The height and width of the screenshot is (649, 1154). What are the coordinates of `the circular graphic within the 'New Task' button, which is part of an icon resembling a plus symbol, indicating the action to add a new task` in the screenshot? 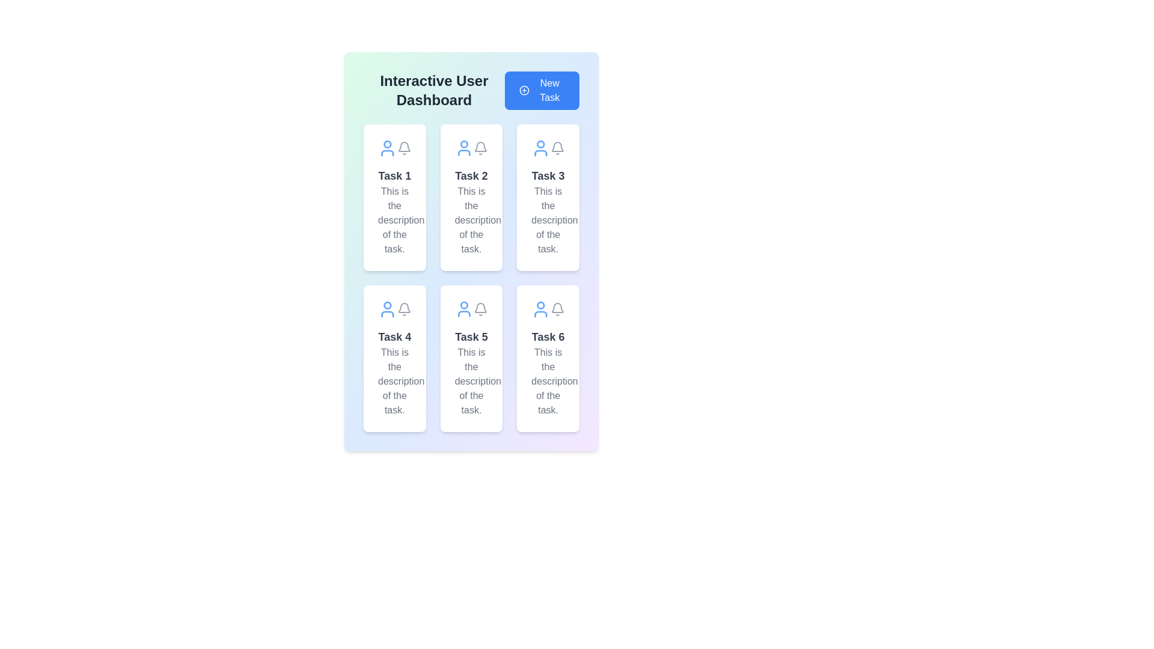 It's located at (524, 90).